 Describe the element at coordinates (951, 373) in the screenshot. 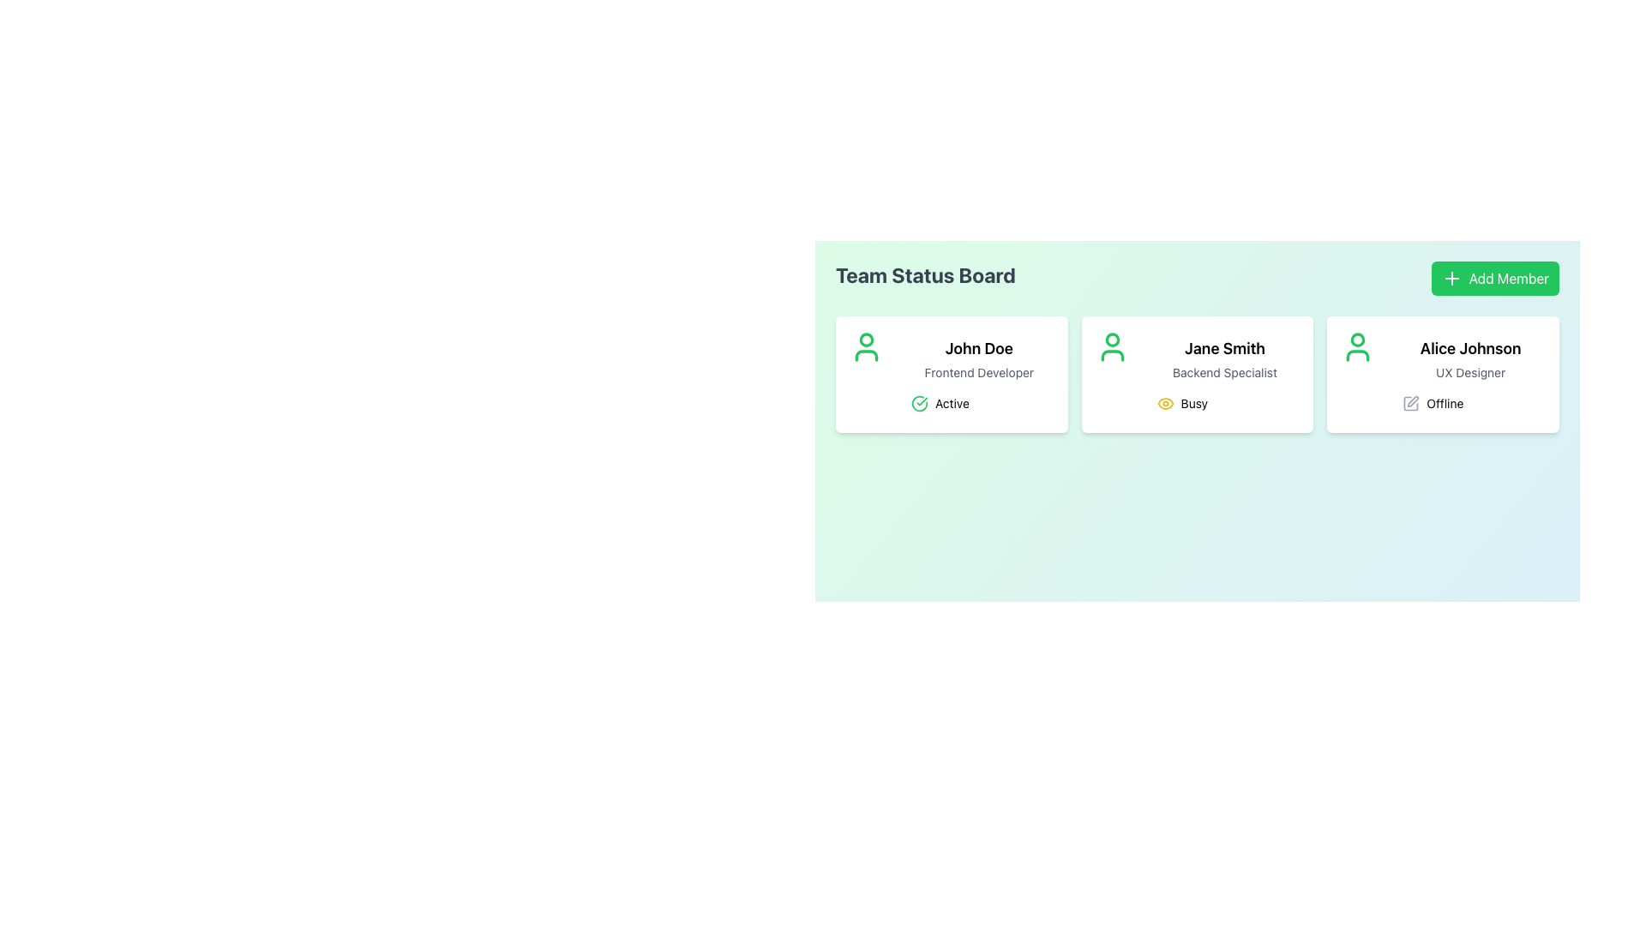

I see `the Informational card displaying an individual's role and status, which is the first card in a row of three cards at the top left of the grid` at that location.